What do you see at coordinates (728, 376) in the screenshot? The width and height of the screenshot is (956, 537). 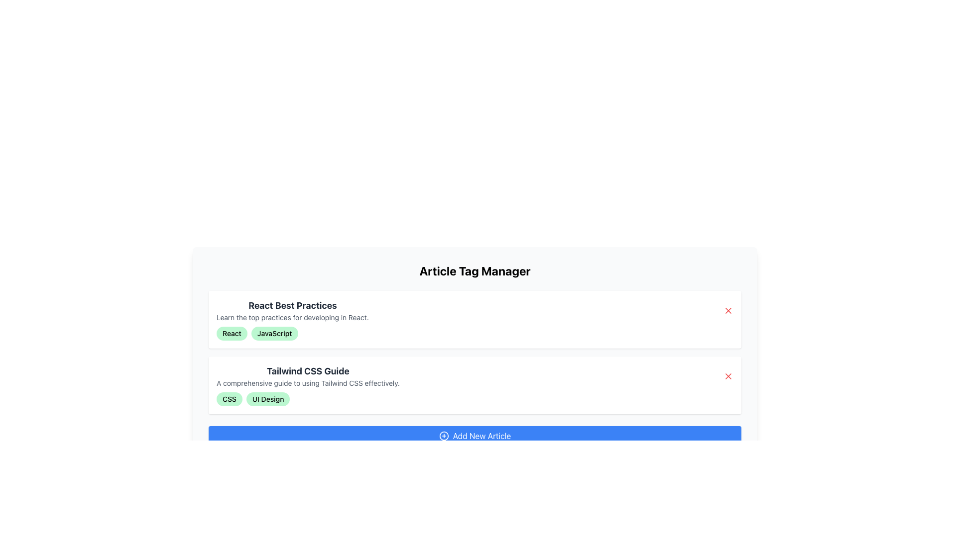 I see `the close button represented by the 'X' icon in the upper-right corner of the second row containing the 'Tailwind CSS Guide' title and description` at bounding box center [728, 376].